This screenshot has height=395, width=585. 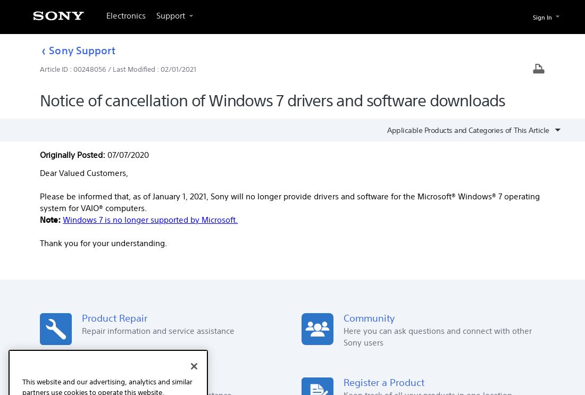 I want to click on '07/07/2020', so click(x=127, y=155).